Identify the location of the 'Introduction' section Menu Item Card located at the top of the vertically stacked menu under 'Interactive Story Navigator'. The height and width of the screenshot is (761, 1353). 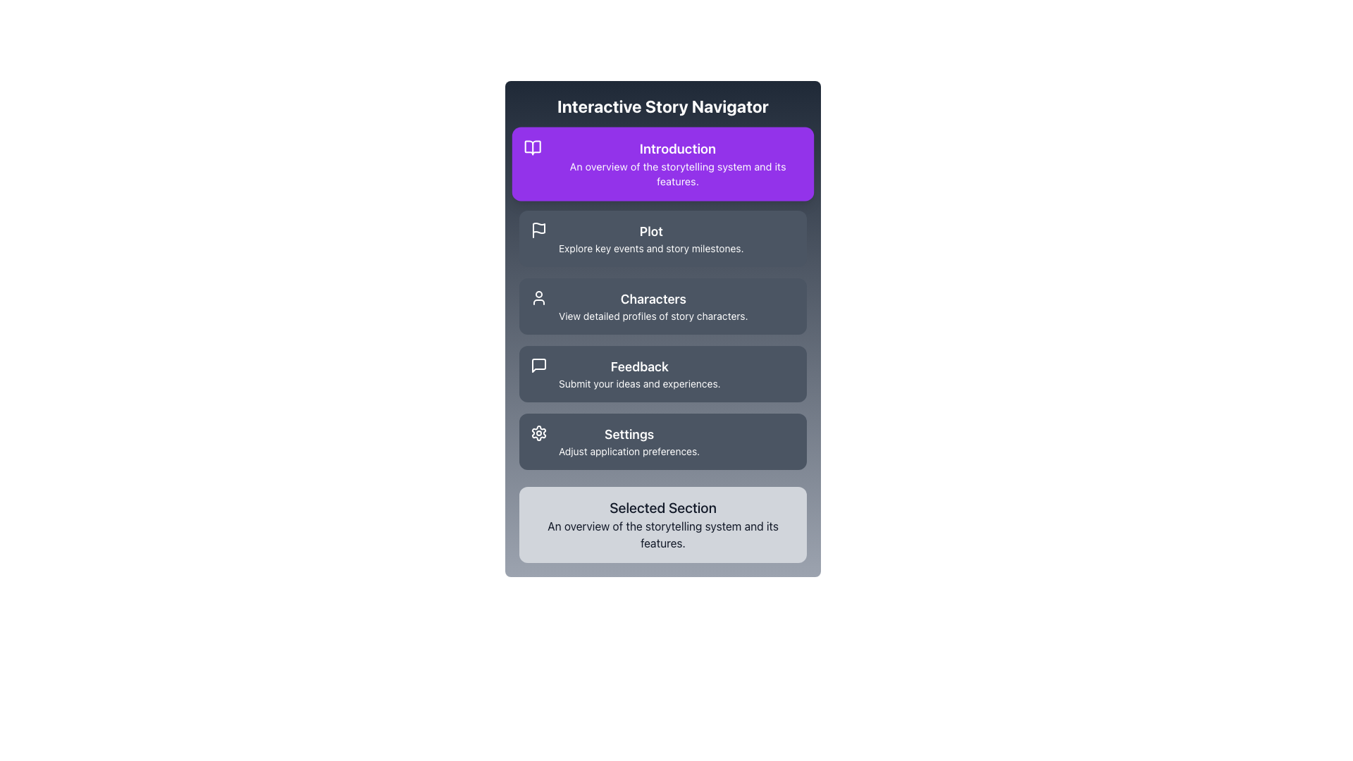
(662, 163).